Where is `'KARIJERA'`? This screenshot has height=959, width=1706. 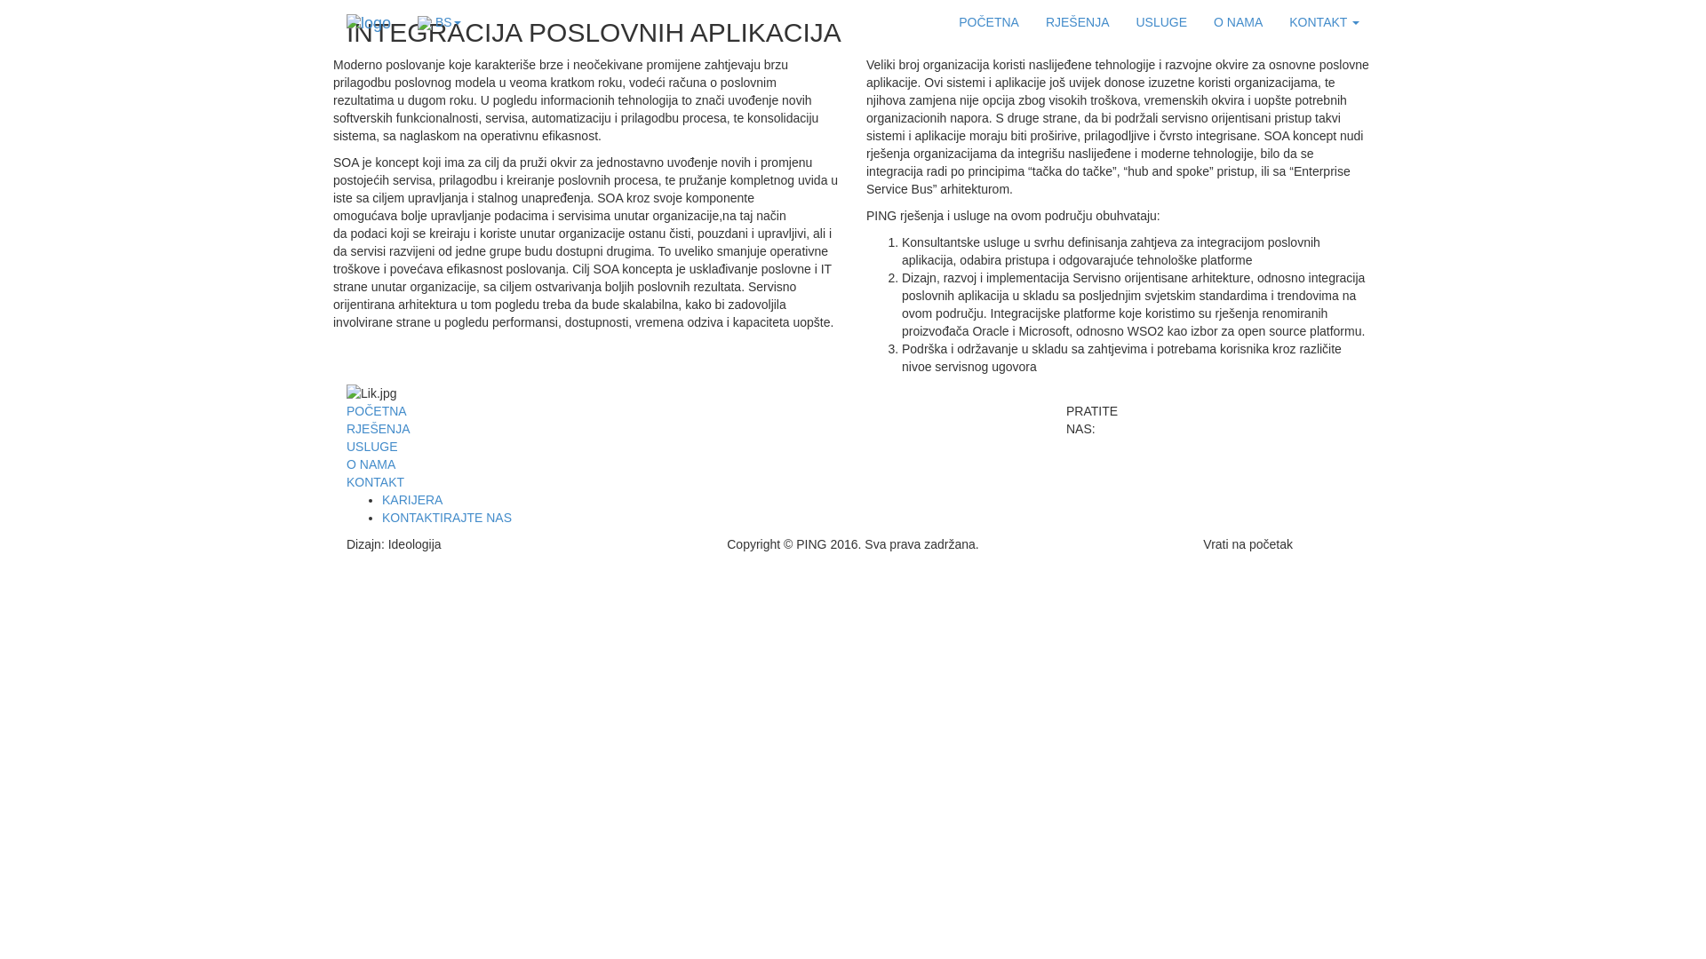 'KARIJERA' is located at coordinates (411, 500).